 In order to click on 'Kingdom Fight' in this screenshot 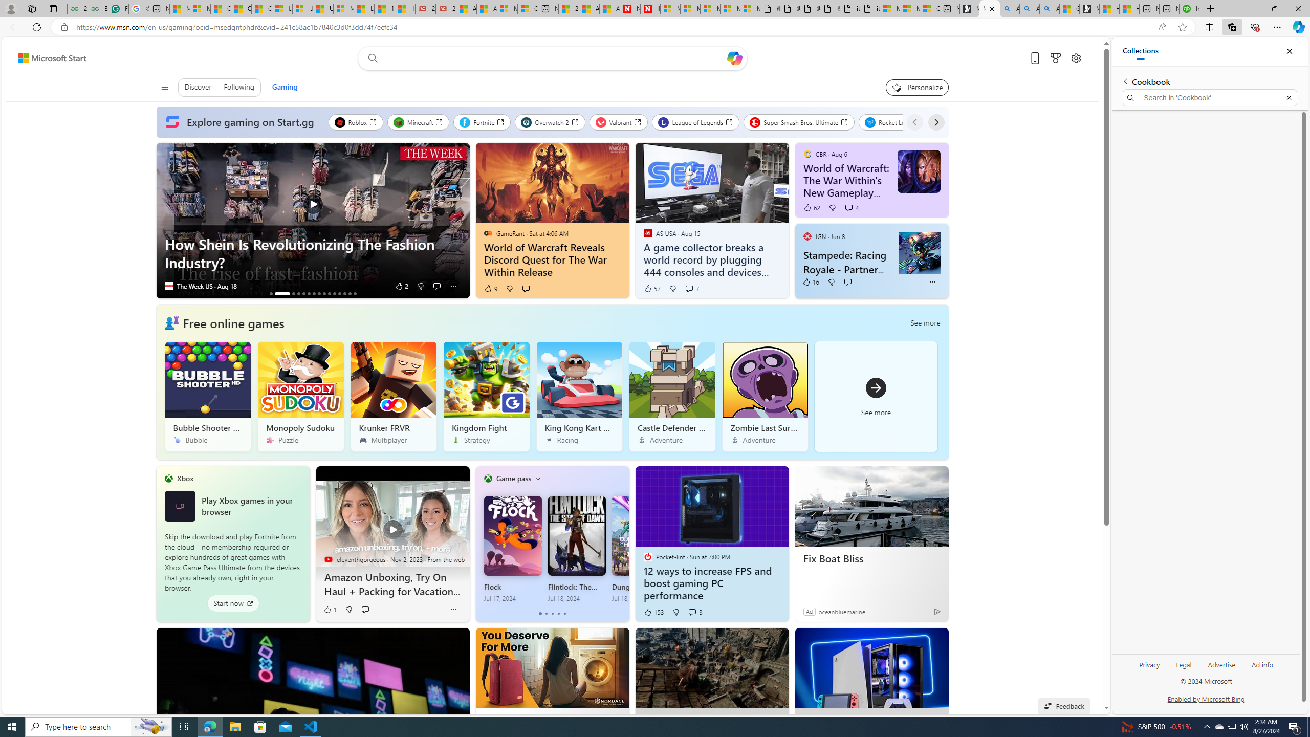, I will do `click(486, 396)`.